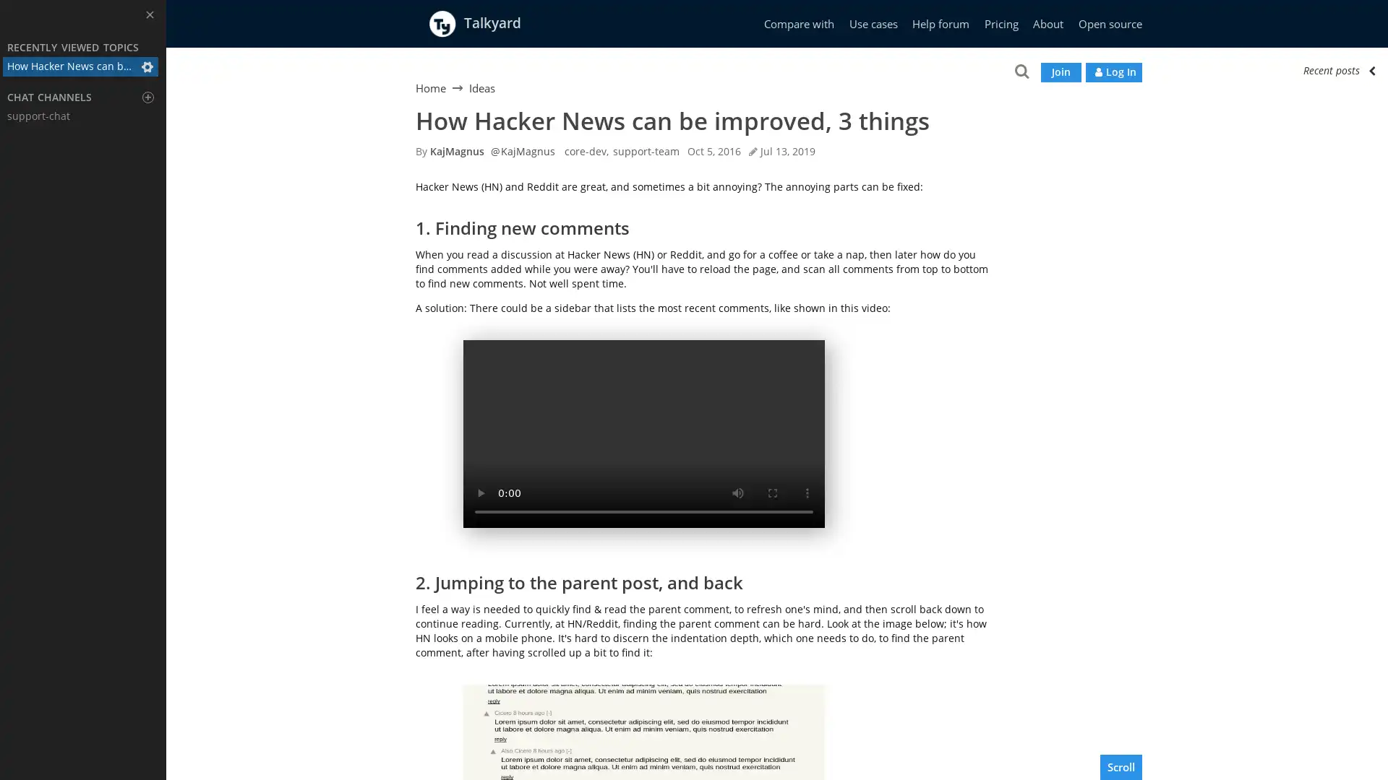 This screenshot has width=1388, height=780. What do you see at coordinates (738, 492) in the screenshot?
I see `mute` at bounding box center [738, 492].